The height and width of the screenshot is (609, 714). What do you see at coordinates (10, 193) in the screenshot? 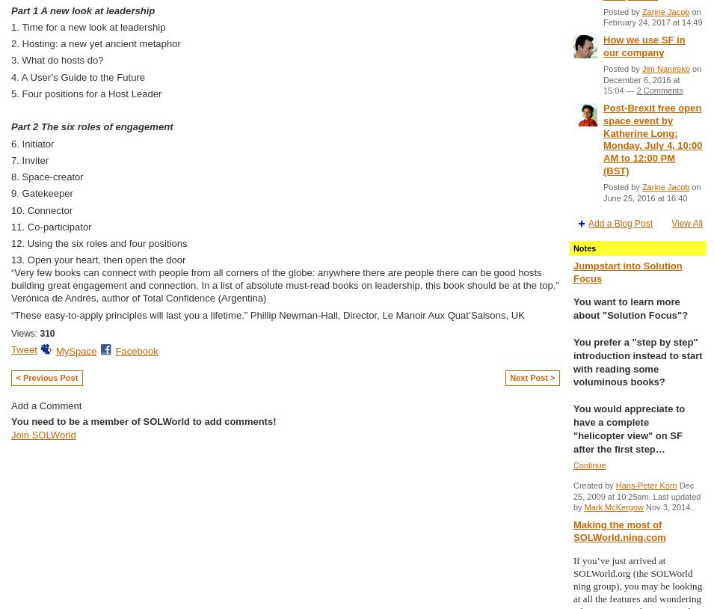
I see `'9. Gatekeeper'` at bounding box center [10, 193].